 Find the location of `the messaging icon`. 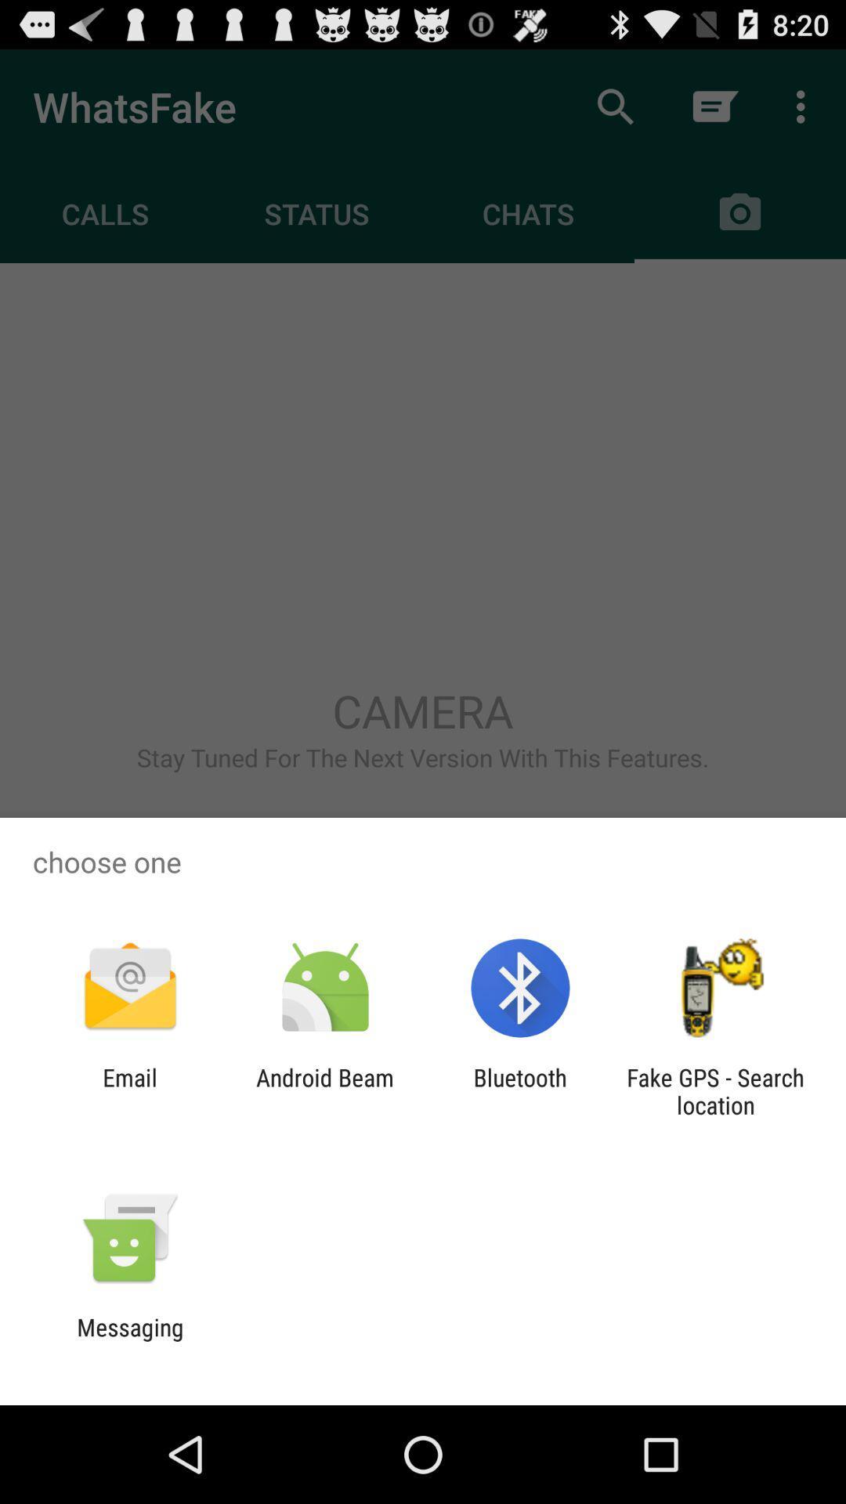

the messaging icon is located at coordinates (129, 1340).